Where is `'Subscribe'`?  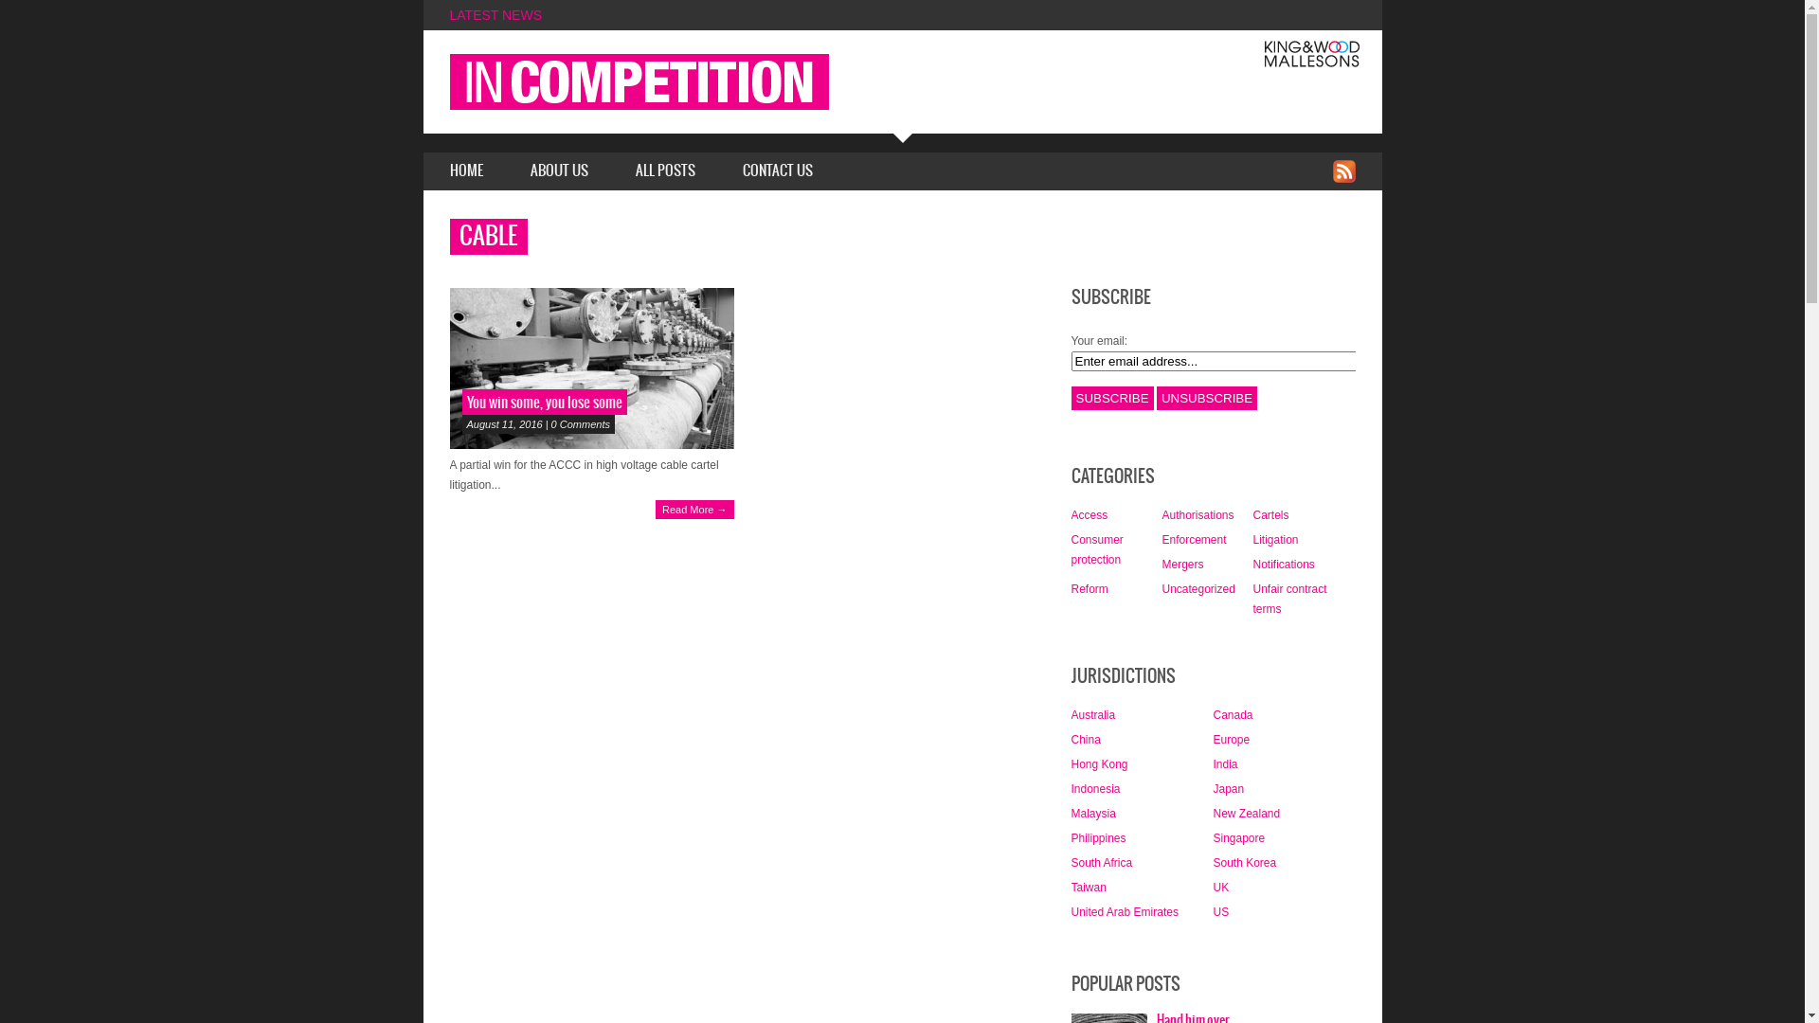 'Subscribe' is located at coordinates (1111, 397).